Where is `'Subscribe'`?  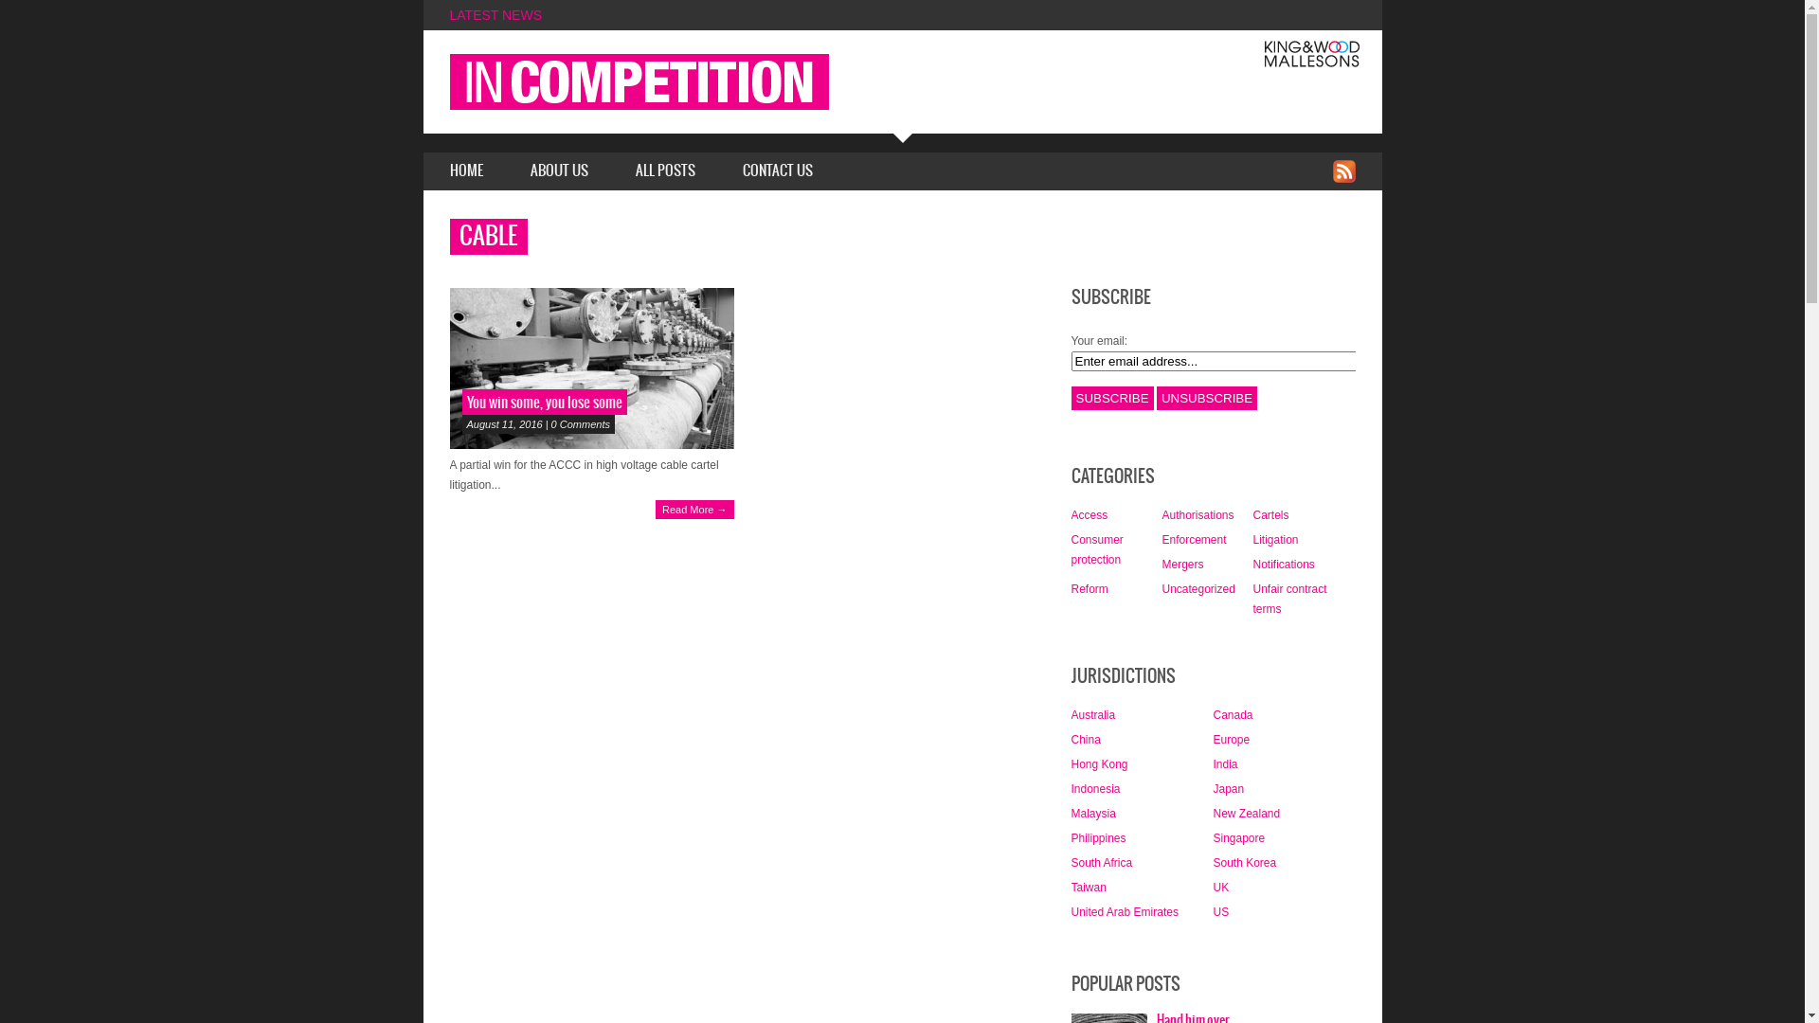 'Subscribe' is located at coordinates (1111, 397).